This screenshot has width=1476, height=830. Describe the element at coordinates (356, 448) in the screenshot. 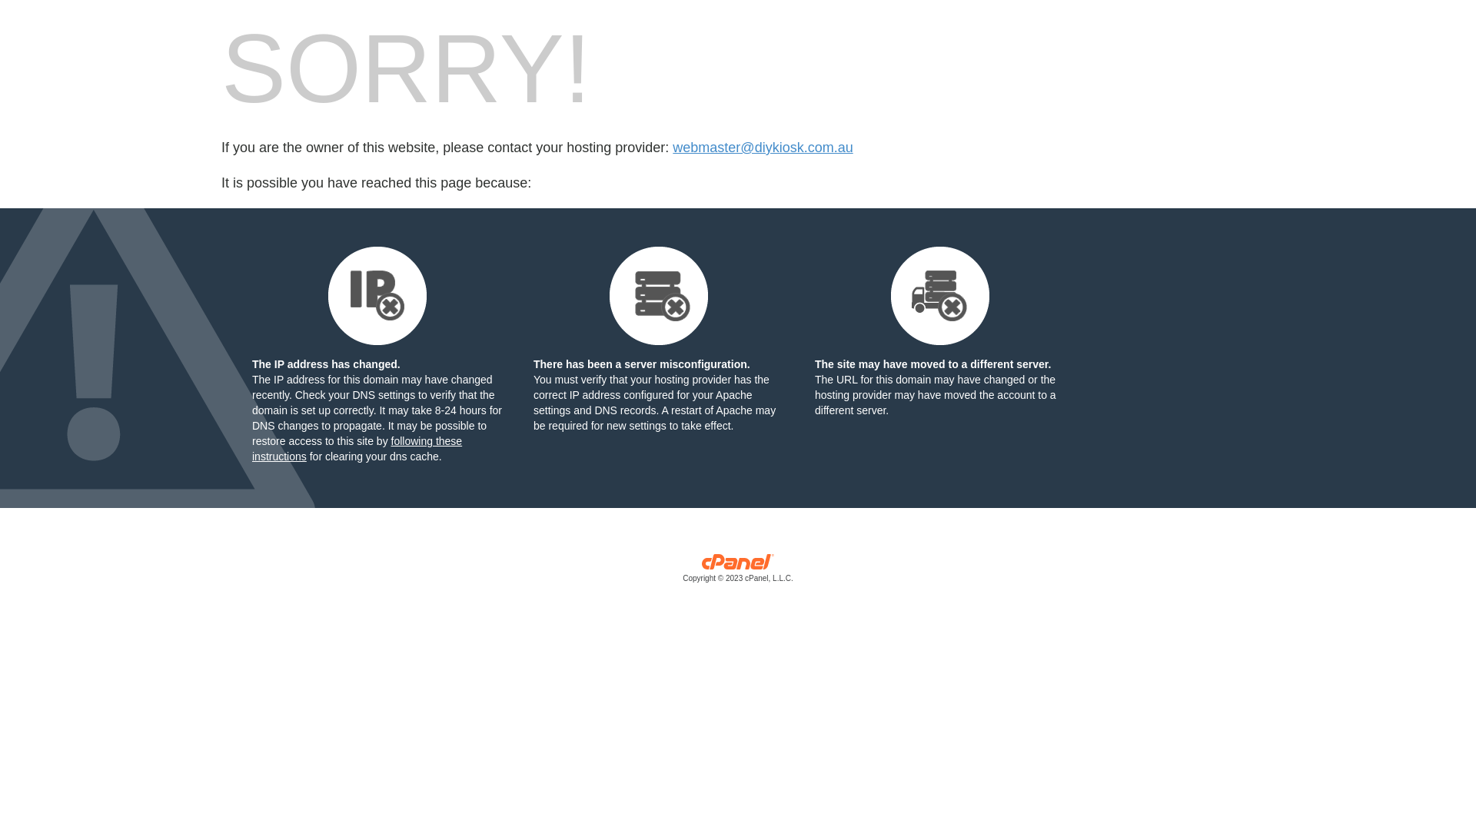

I see `'following these instructions'` at that location.